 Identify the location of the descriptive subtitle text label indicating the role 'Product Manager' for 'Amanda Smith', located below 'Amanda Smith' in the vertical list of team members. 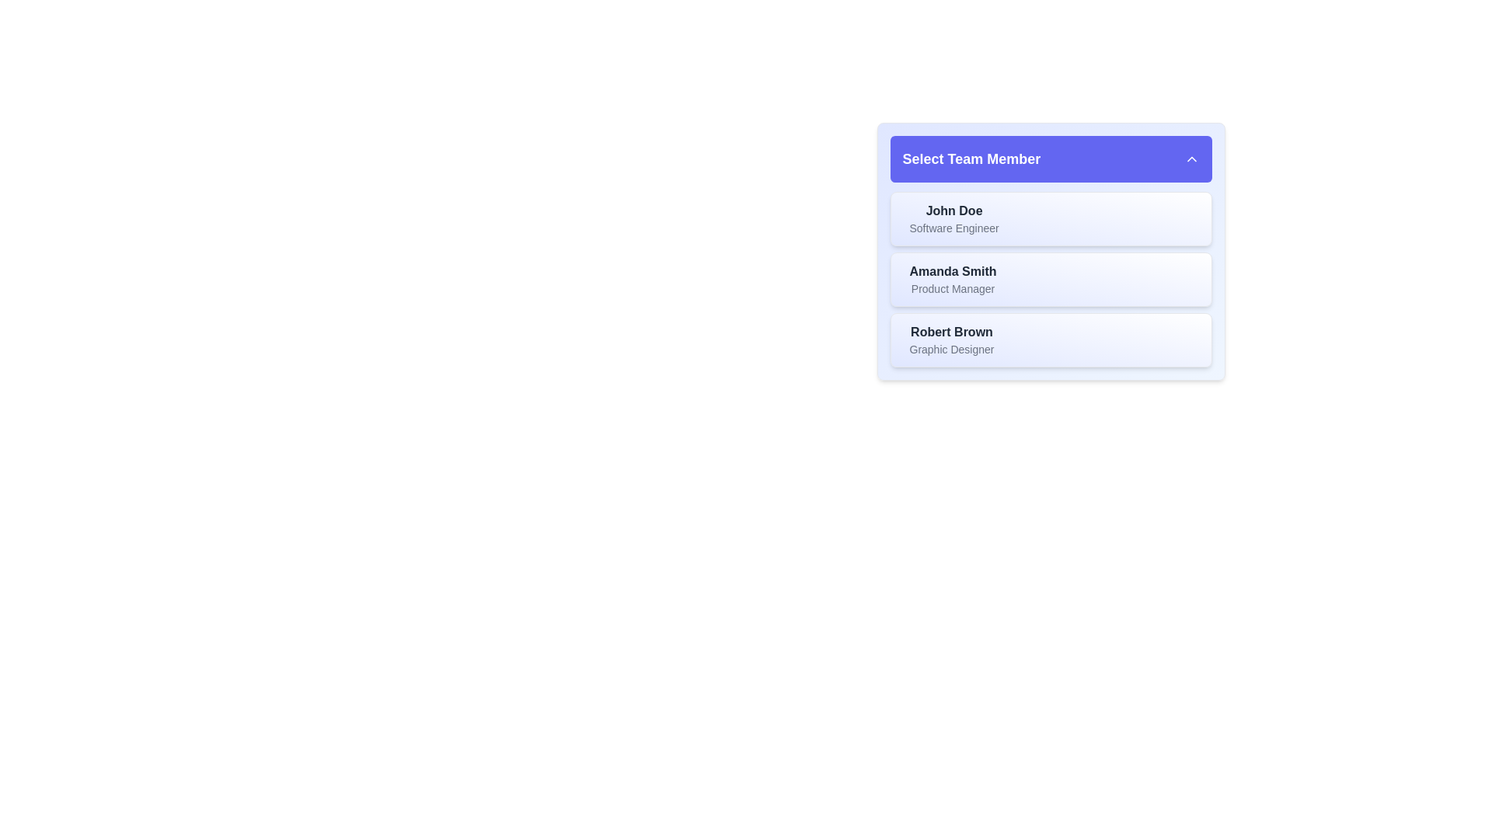
(952, 288).